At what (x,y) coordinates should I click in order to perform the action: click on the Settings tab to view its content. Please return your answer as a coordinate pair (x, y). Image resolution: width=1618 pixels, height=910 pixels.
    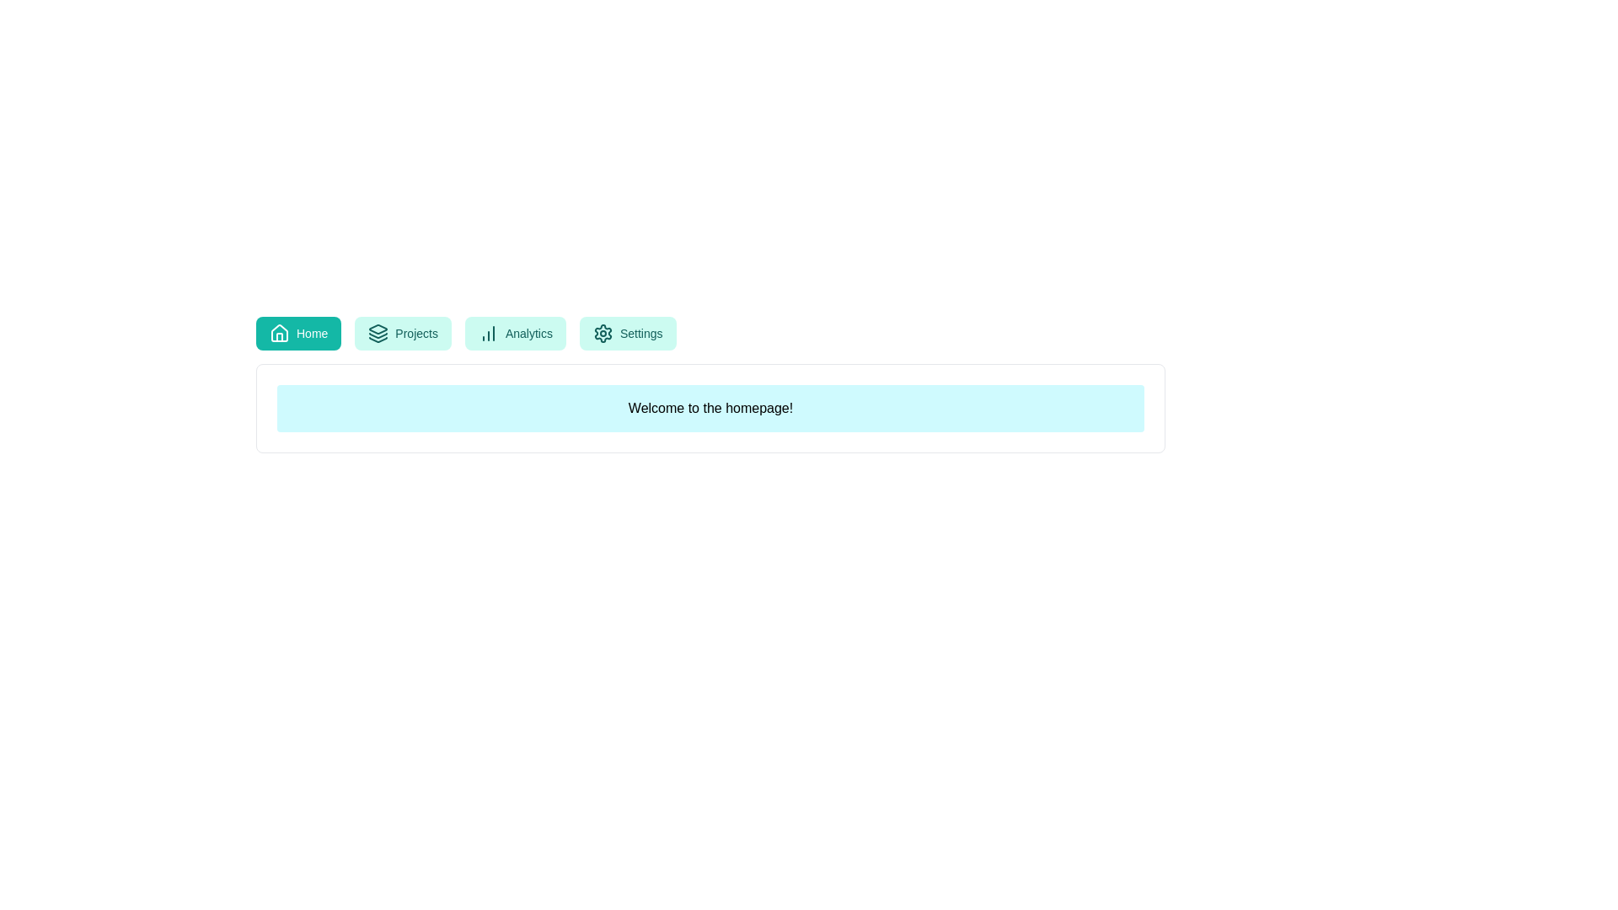
    Looking at the image, I should click on (627, 334).